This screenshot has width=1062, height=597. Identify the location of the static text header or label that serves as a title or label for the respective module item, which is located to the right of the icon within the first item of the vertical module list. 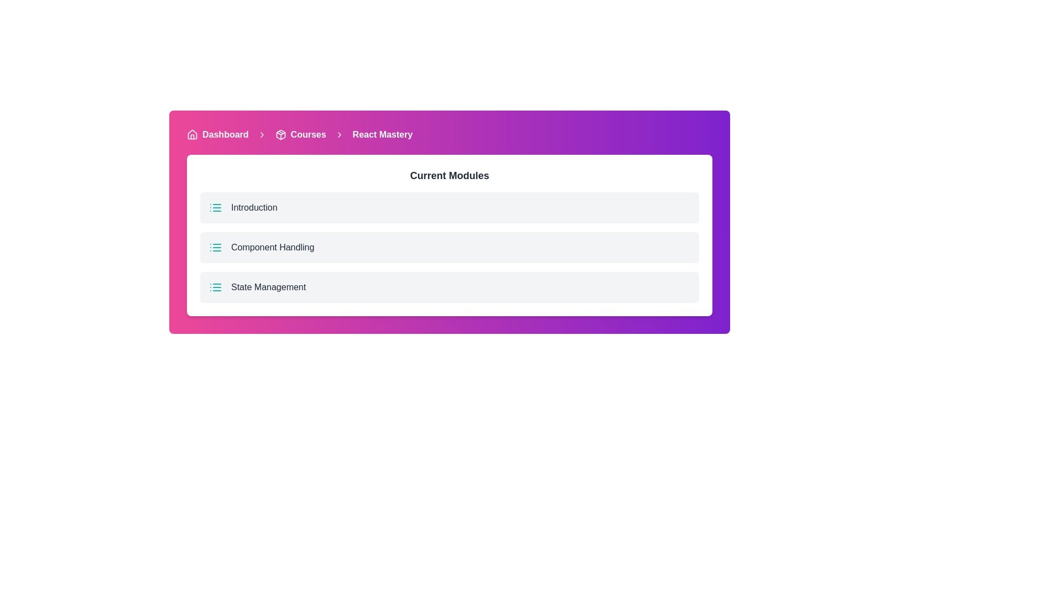
(253, 207).